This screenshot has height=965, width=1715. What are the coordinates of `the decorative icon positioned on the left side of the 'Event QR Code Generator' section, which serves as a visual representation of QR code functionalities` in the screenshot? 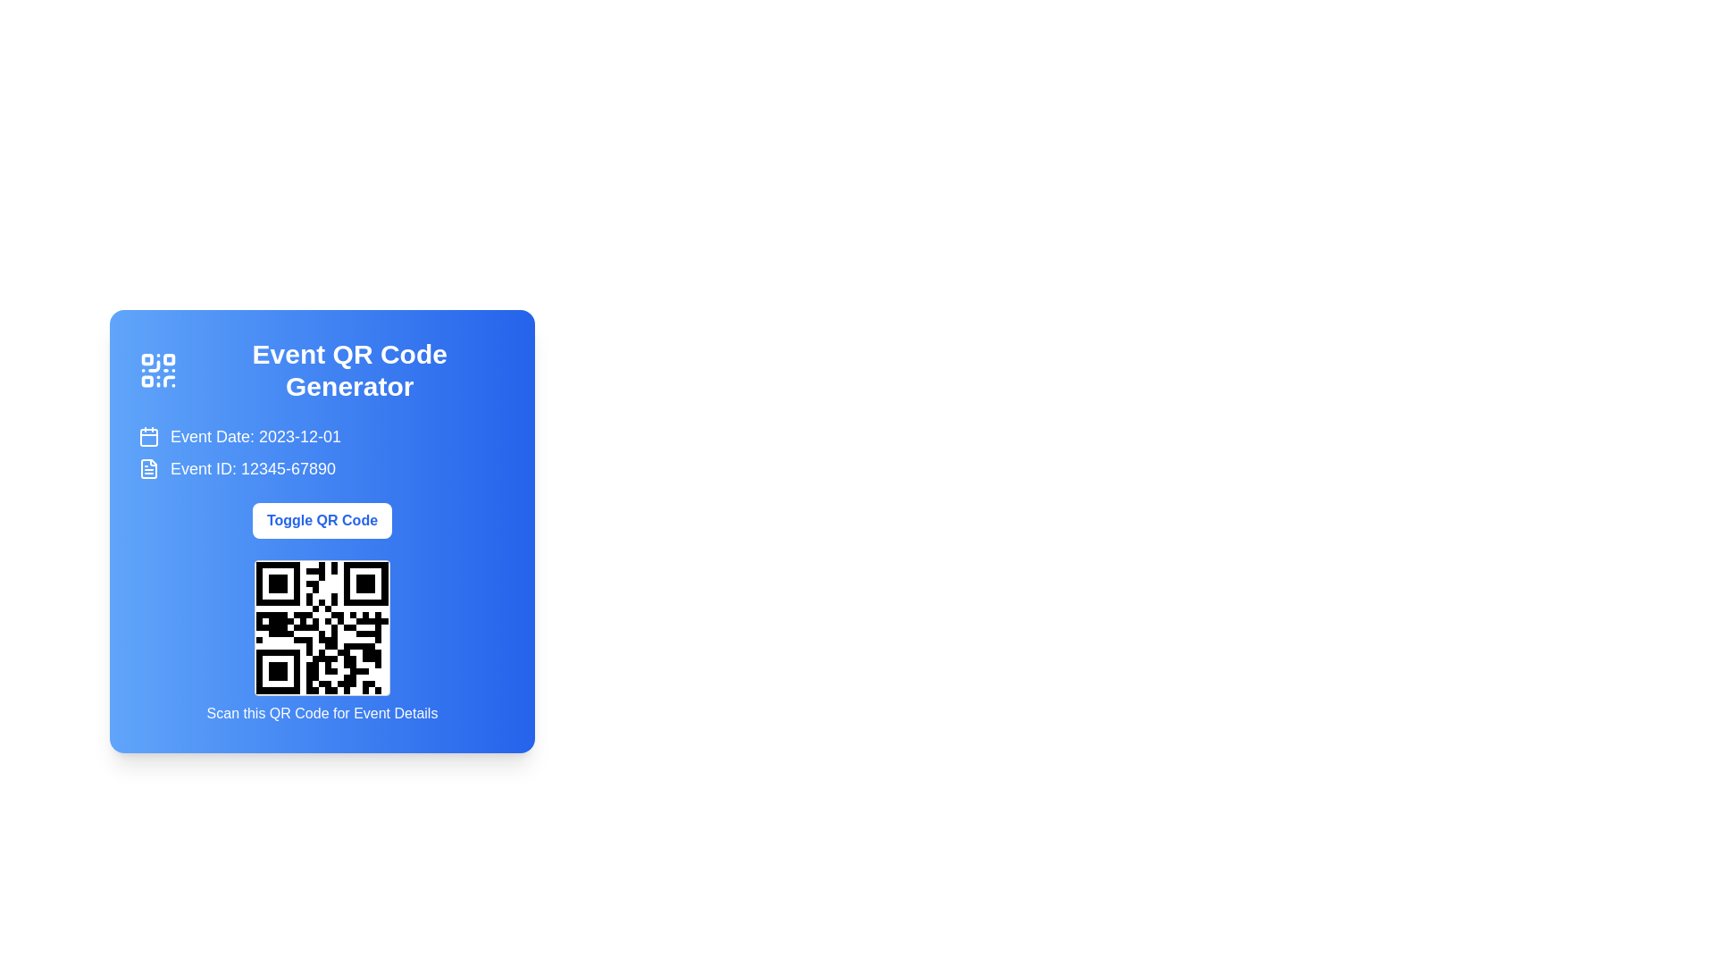 It's located at (158, 370).